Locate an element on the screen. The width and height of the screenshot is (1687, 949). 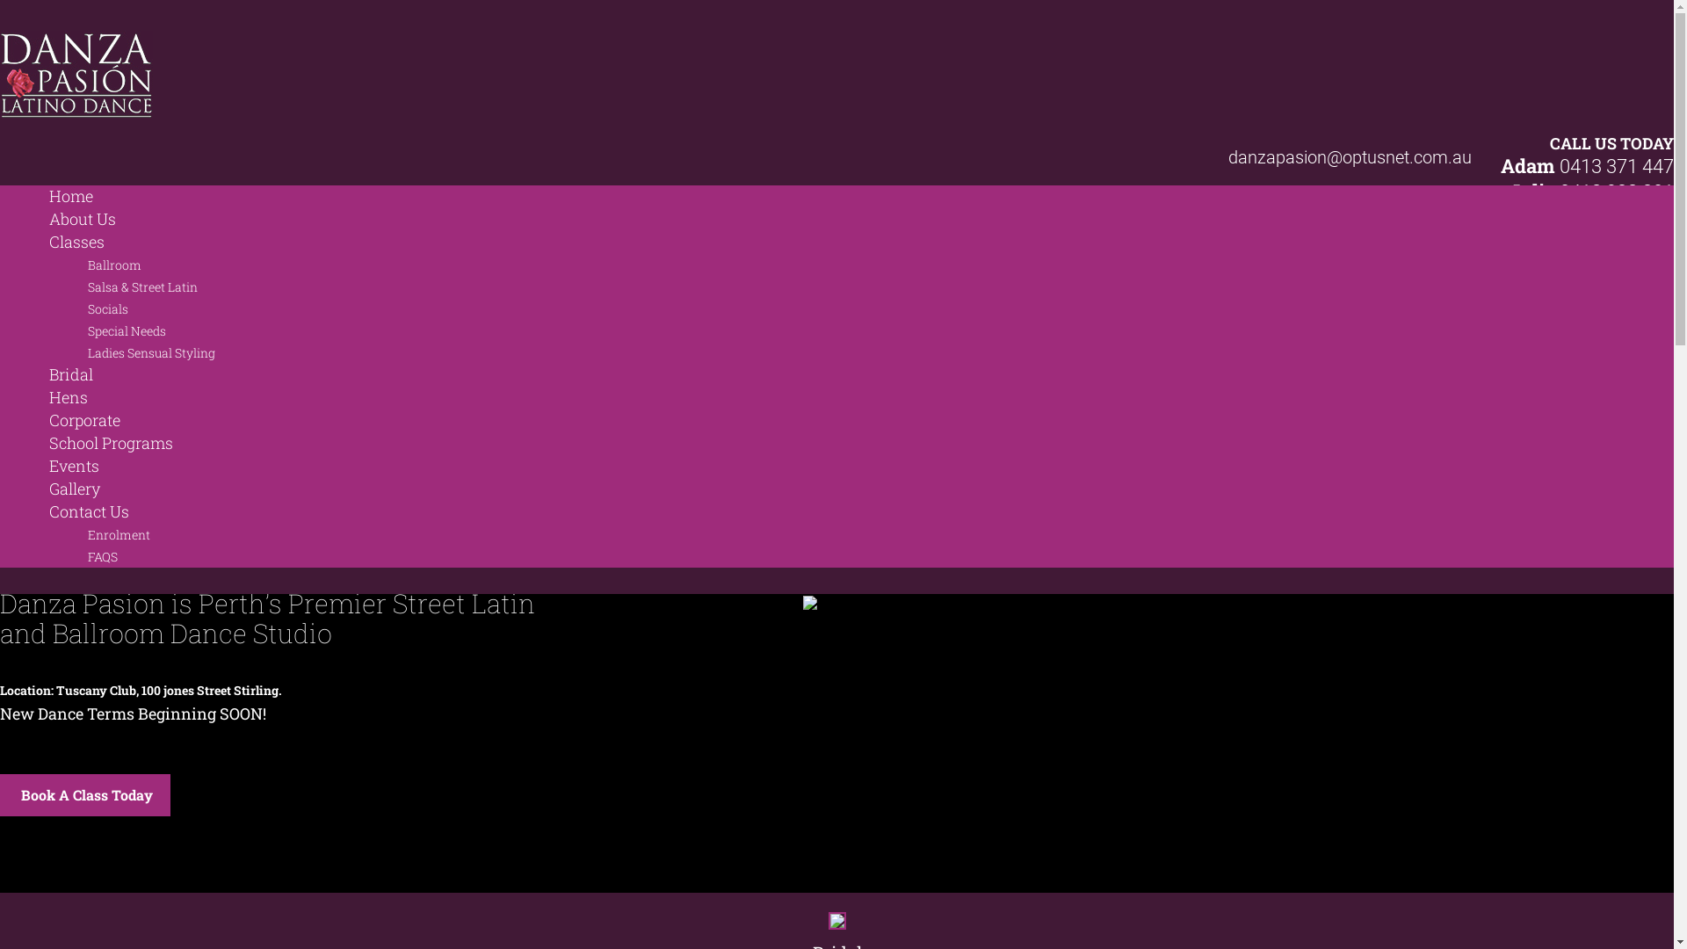
'Home' is located at coordinates (34, 196).